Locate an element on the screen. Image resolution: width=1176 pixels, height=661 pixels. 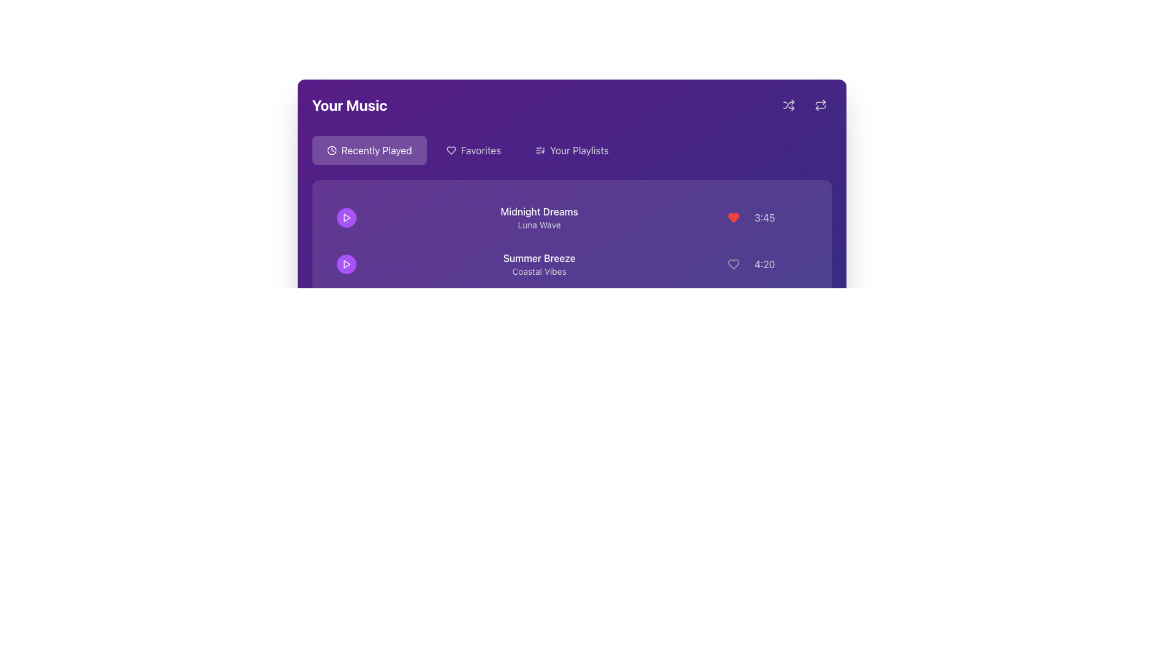
the light gray text displaying the time '4:20' on a dark purple background, which is part of the song information for 'Summer Breeze' by 'Coastal Vibes', located at the far right of the row and adjacent to a heart icon is located at coordinates (764, 264).